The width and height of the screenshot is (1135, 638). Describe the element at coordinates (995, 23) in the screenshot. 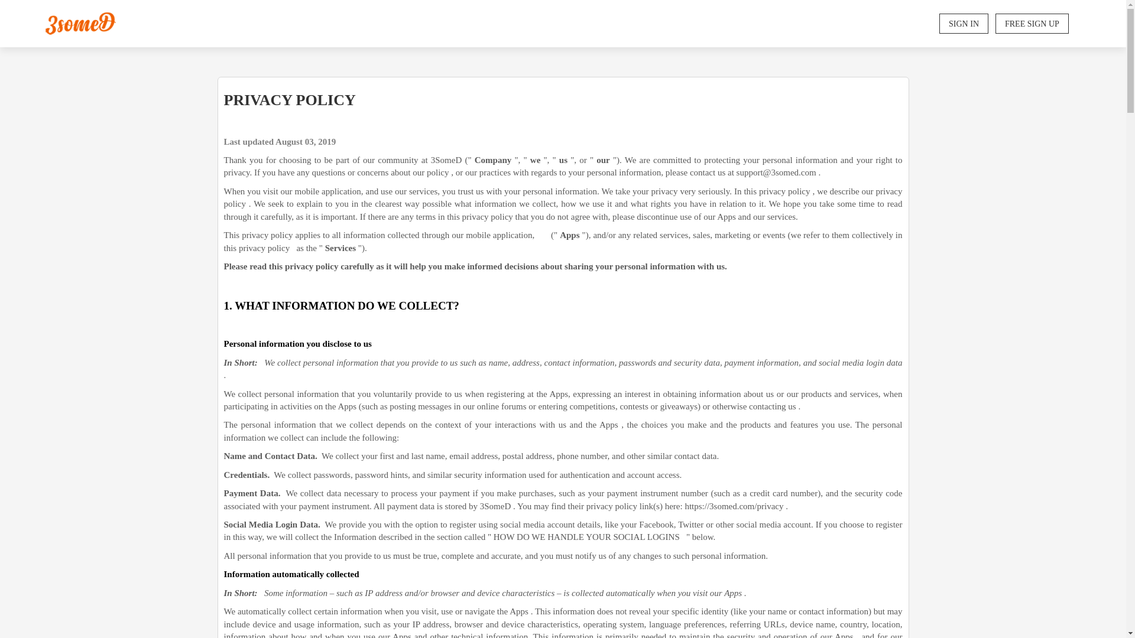

I see `'FREE SIGN UP'` at that location.